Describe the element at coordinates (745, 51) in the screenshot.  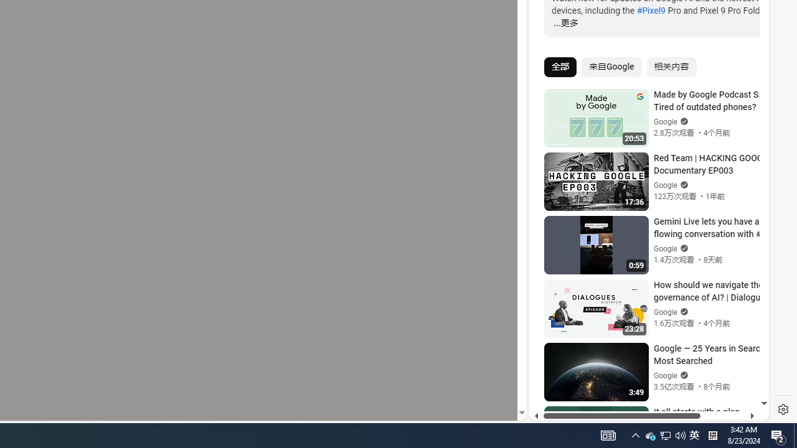
I see `'Click to scroll right'` at that location.